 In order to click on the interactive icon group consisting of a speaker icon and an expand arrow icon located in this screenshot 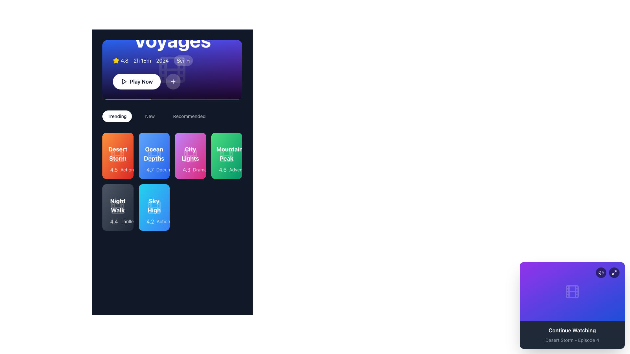, I will do `click(607, 273)`.